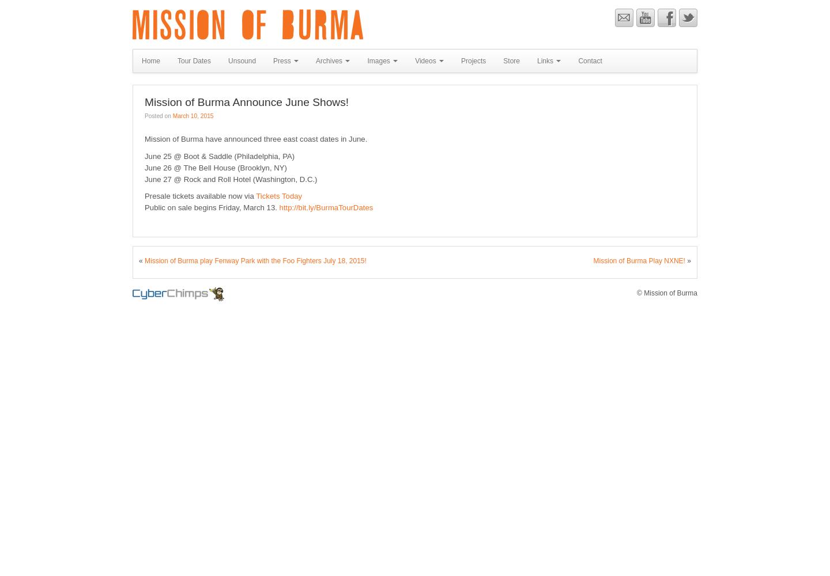 The image size is (830, 576). What do you see at coordinates (230, 179) in the screenshot?
I see `'June 27 @ Rock and Roll Hotel (Washington, D.C.)'` at bounding box center [230, 179].